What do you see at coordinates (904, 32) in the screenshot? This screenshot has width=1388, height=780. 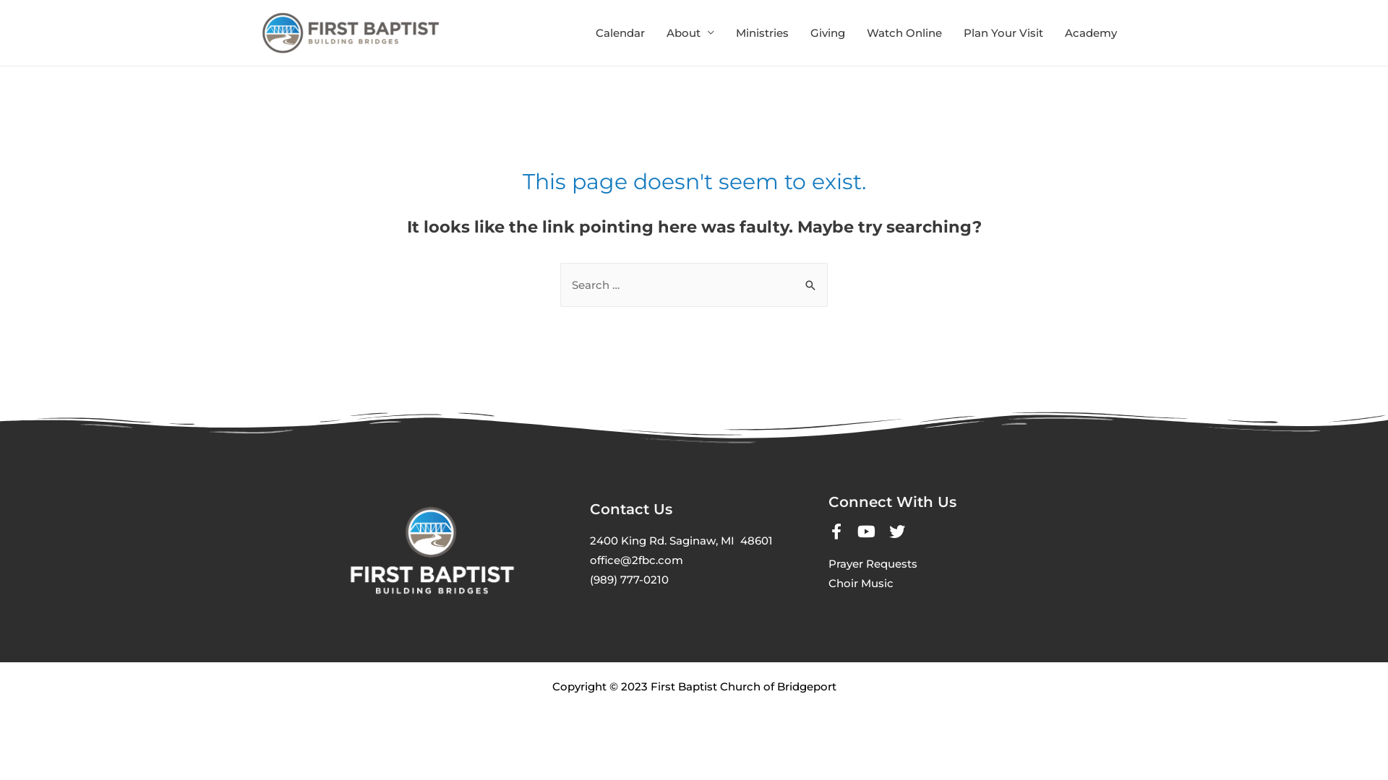 I see `'Watch Online'` at bounding box center [904, 32].